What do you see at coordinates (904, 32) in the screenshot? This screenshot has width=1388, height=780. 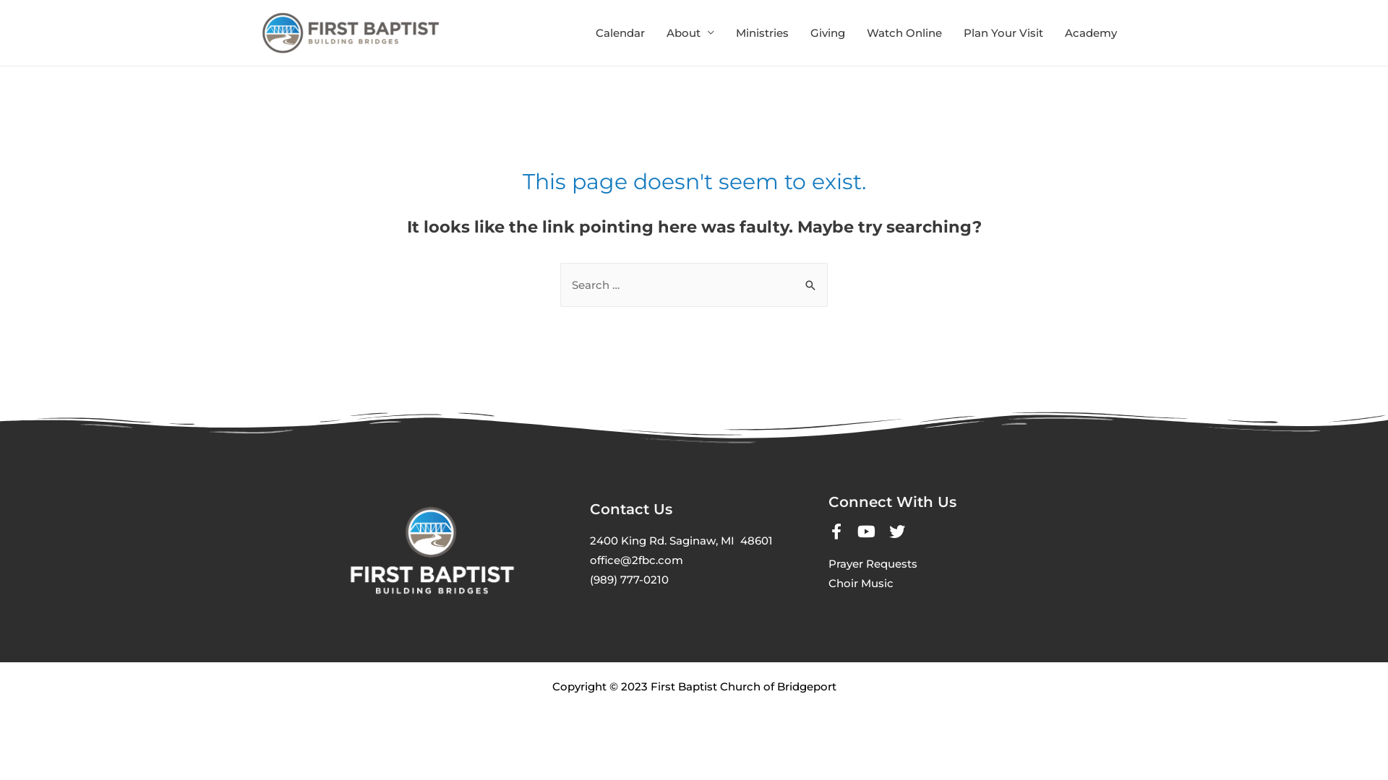 I see `'Watch Online'` at bounding box center [904, 32].